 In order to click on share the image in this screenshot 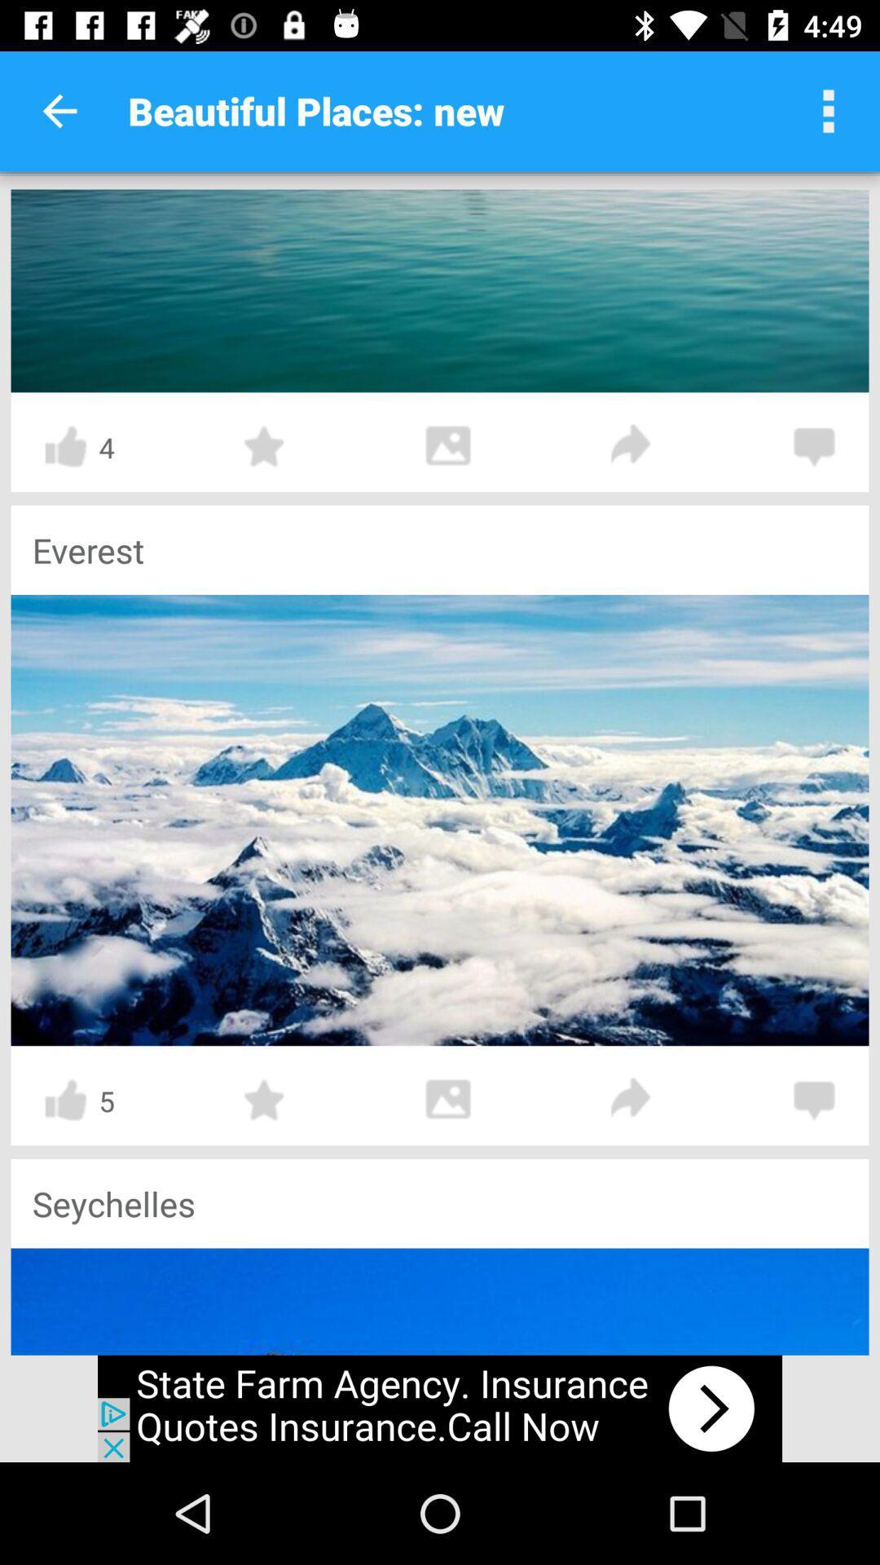, I will do `click(631, 1100)`.